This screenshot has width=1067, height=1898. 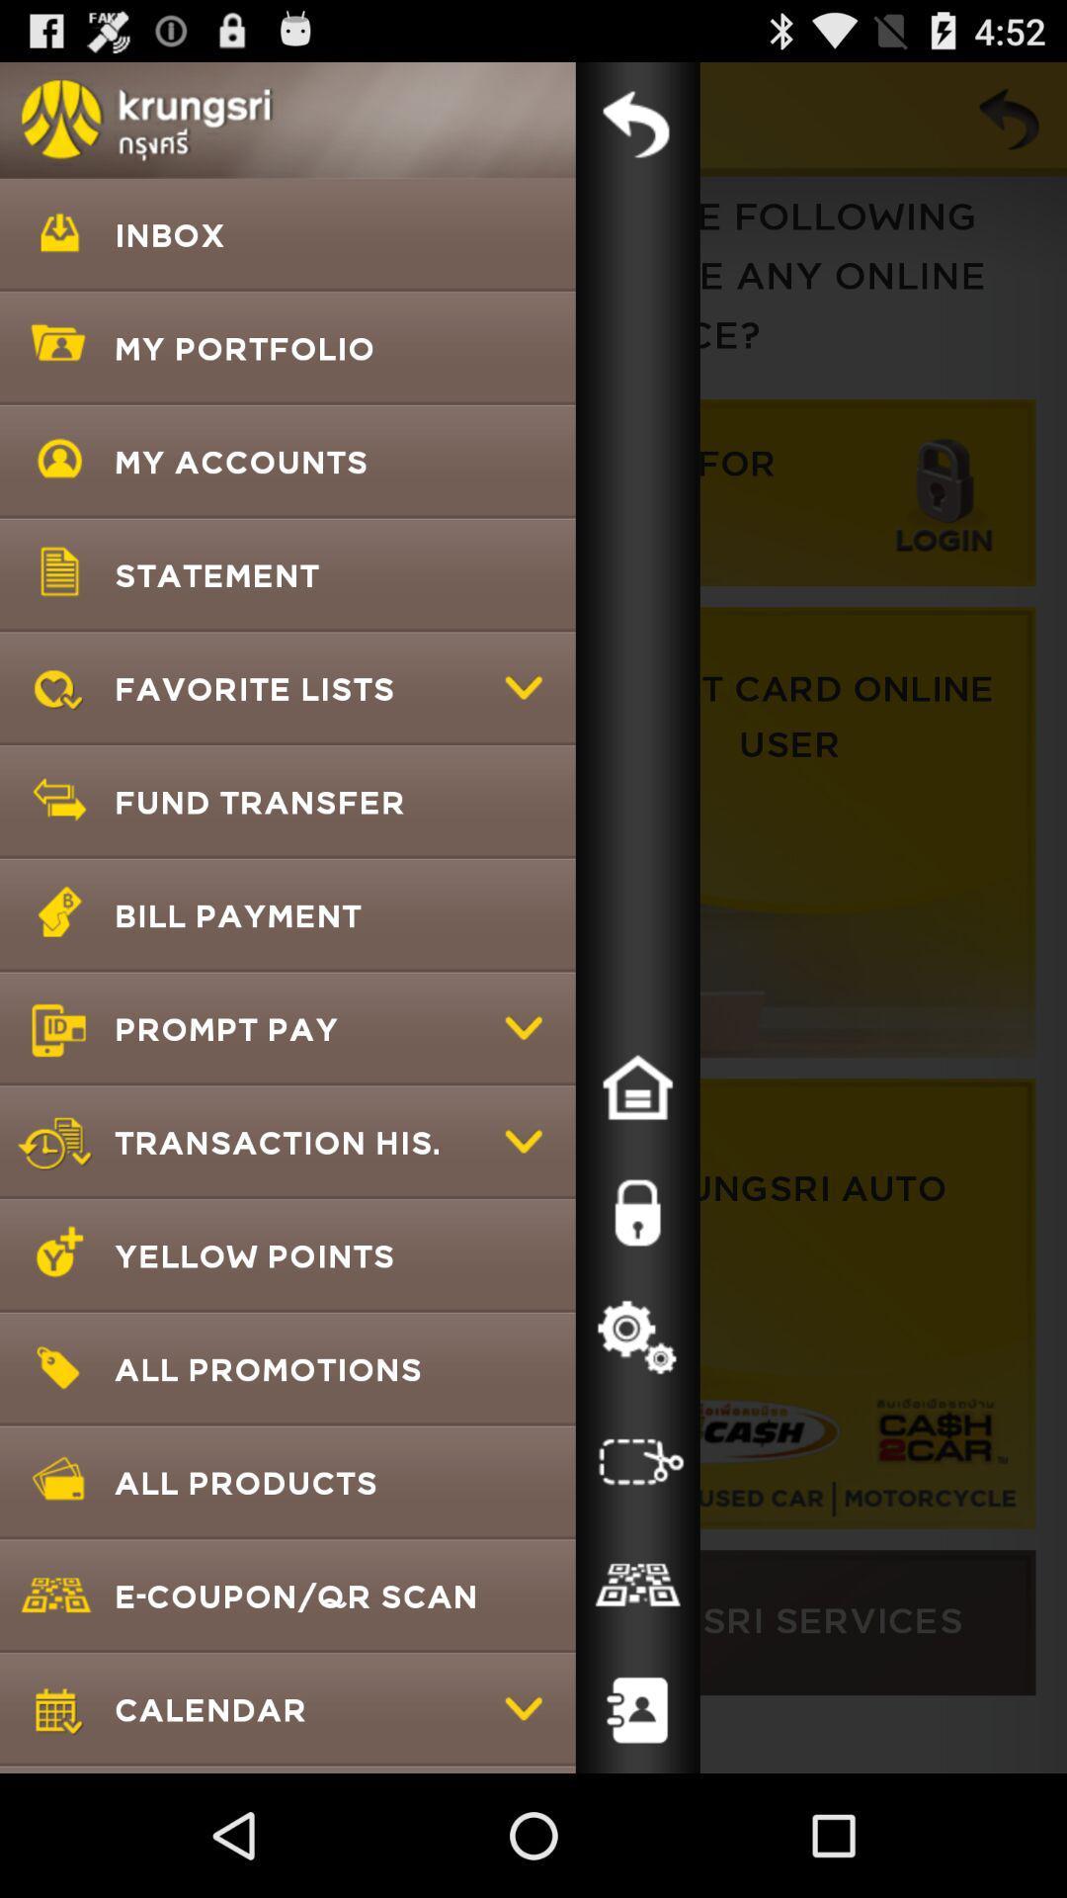 I want to click on krungsri, so click(x=637, y=123).